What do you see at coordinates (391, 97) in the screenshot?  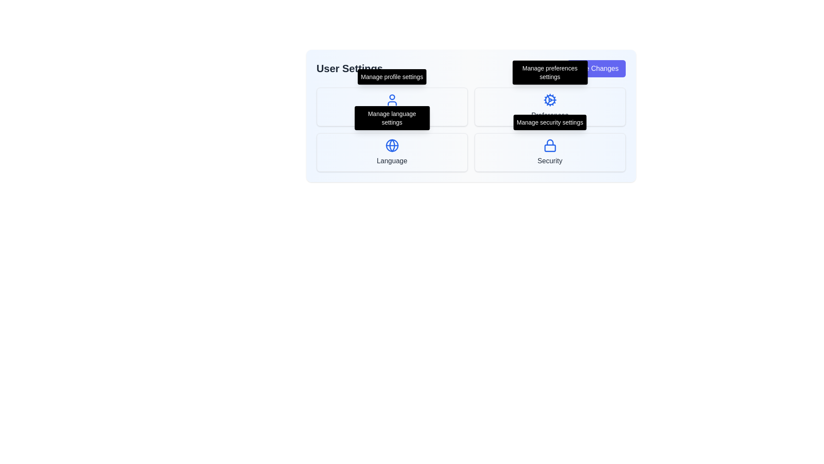 I see `the small blue outlined circle with a white fill located at the top center of the user profile icon in the user settings interface` at bounding box center [391, 97].